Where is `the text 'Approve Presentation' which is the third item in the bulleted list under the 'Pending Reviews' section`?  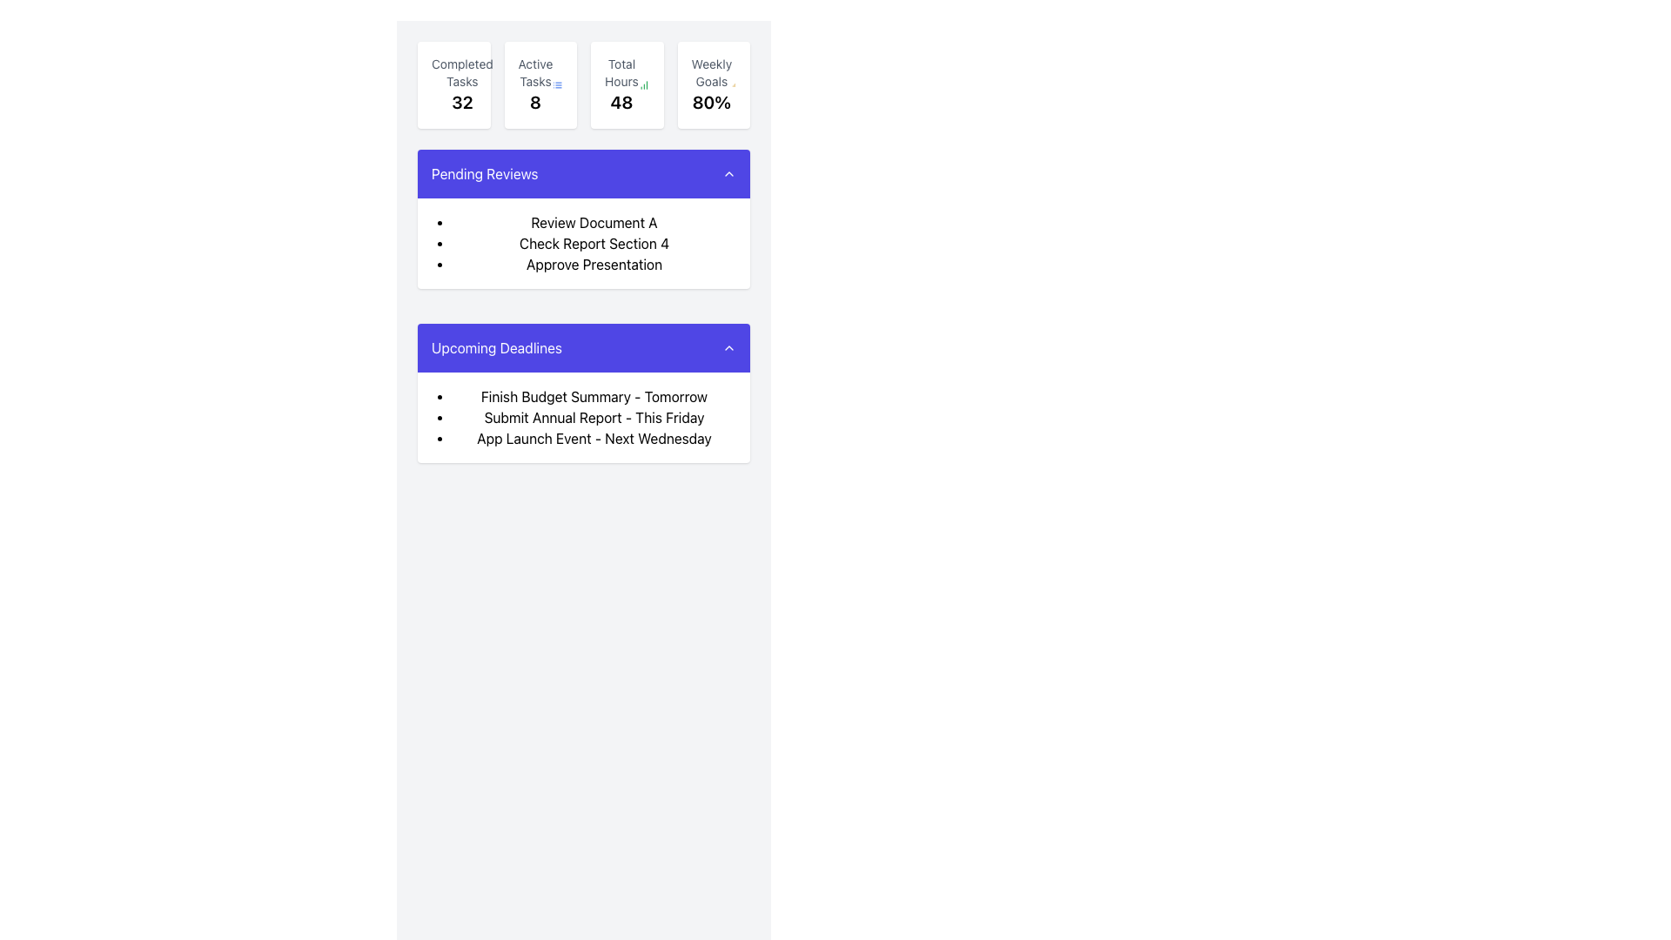 the text 'Approve Presentation' which is the third item in the bulleted list under the 'Pending Reviews' section is located at coordinates (594, 265).